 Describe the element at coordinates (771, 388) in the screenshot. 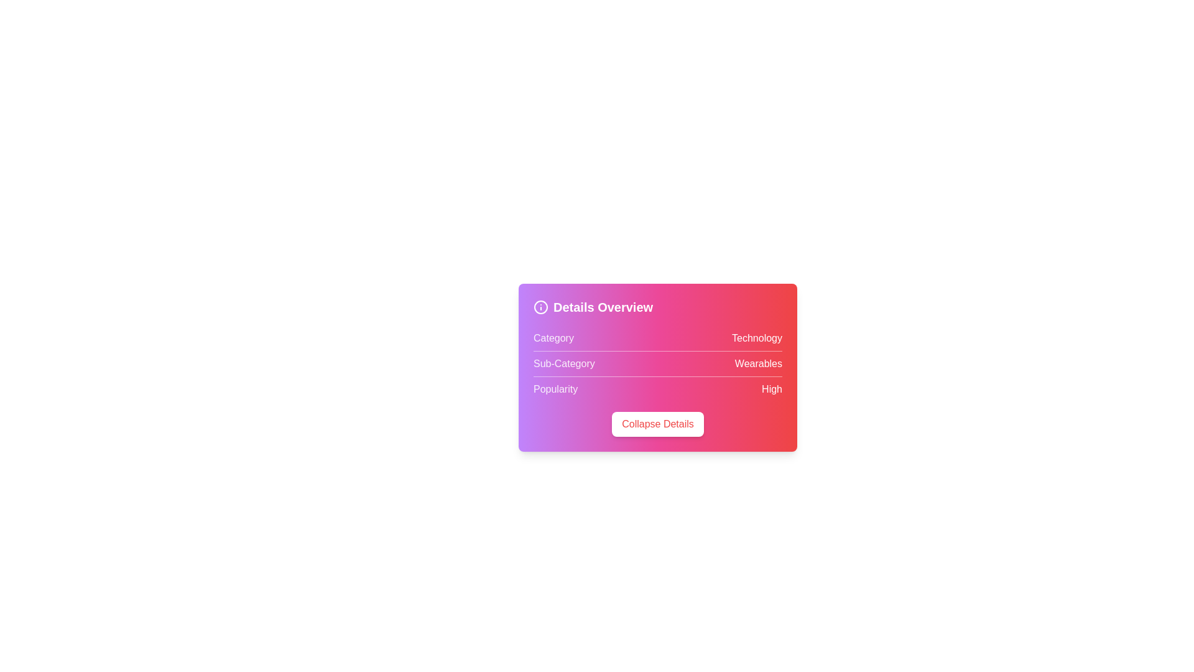

I see `text of the 'High' label, which is a bold, white font on a red background located at the far right of the row in the card-style interface` at that location.